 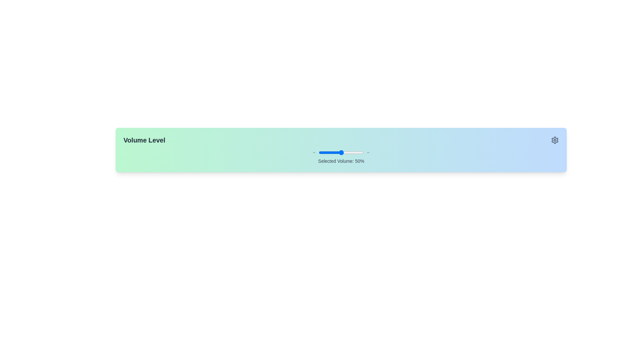 I want to click on the slider value, so click(x=343, y=152).